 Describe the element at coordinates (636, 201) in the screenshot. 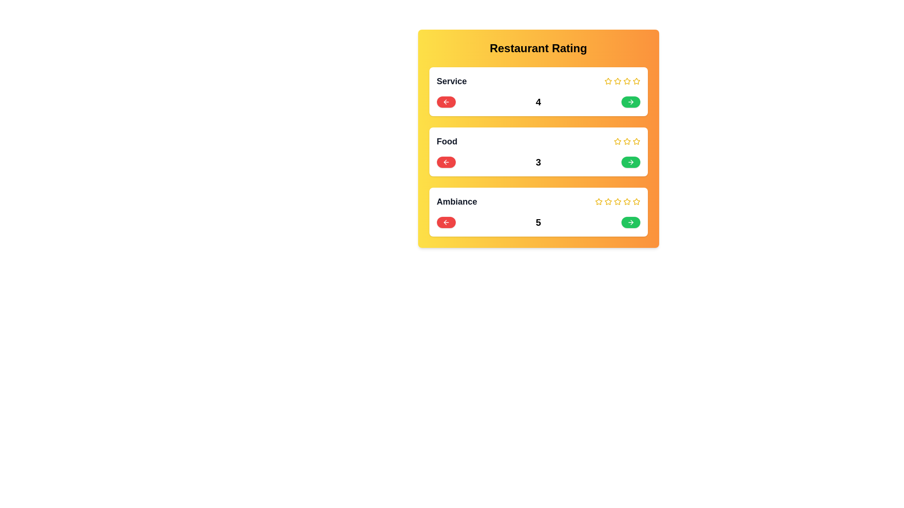

I see `the fifth interactive star icon under the 'Ambiance' section to rate it as five stars` at that location.